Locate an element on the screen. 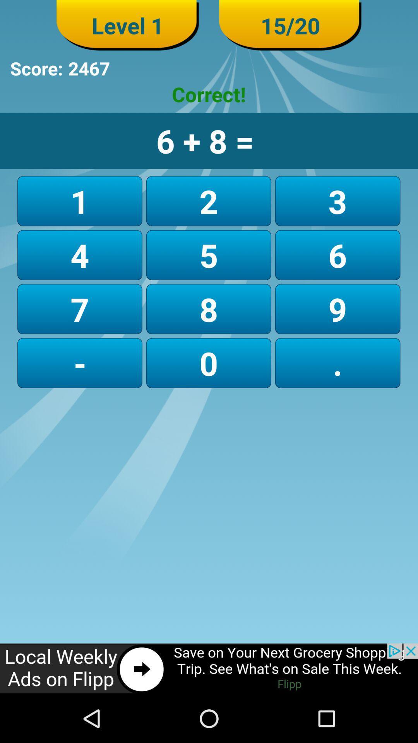  the icon next to the 8 item is located at coordinates (80, 363).